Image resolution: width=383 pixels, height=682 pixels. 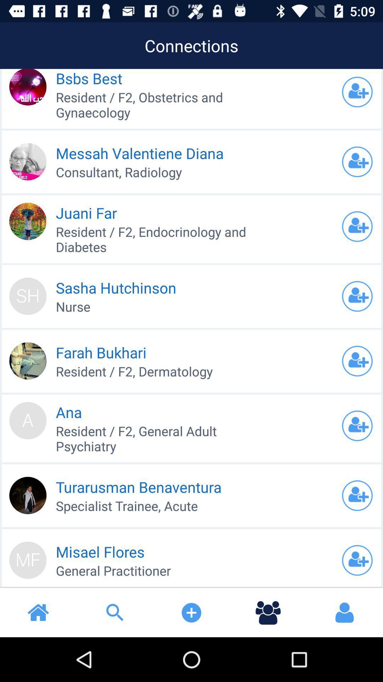 I want to click on friend, so click(x=357, y=92).